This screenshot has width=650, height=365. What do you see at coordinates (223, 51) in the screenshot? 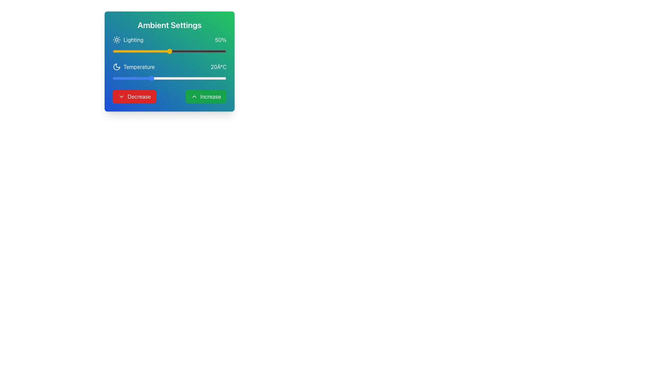
I see `brightness level` at bounding box center [223, 51].